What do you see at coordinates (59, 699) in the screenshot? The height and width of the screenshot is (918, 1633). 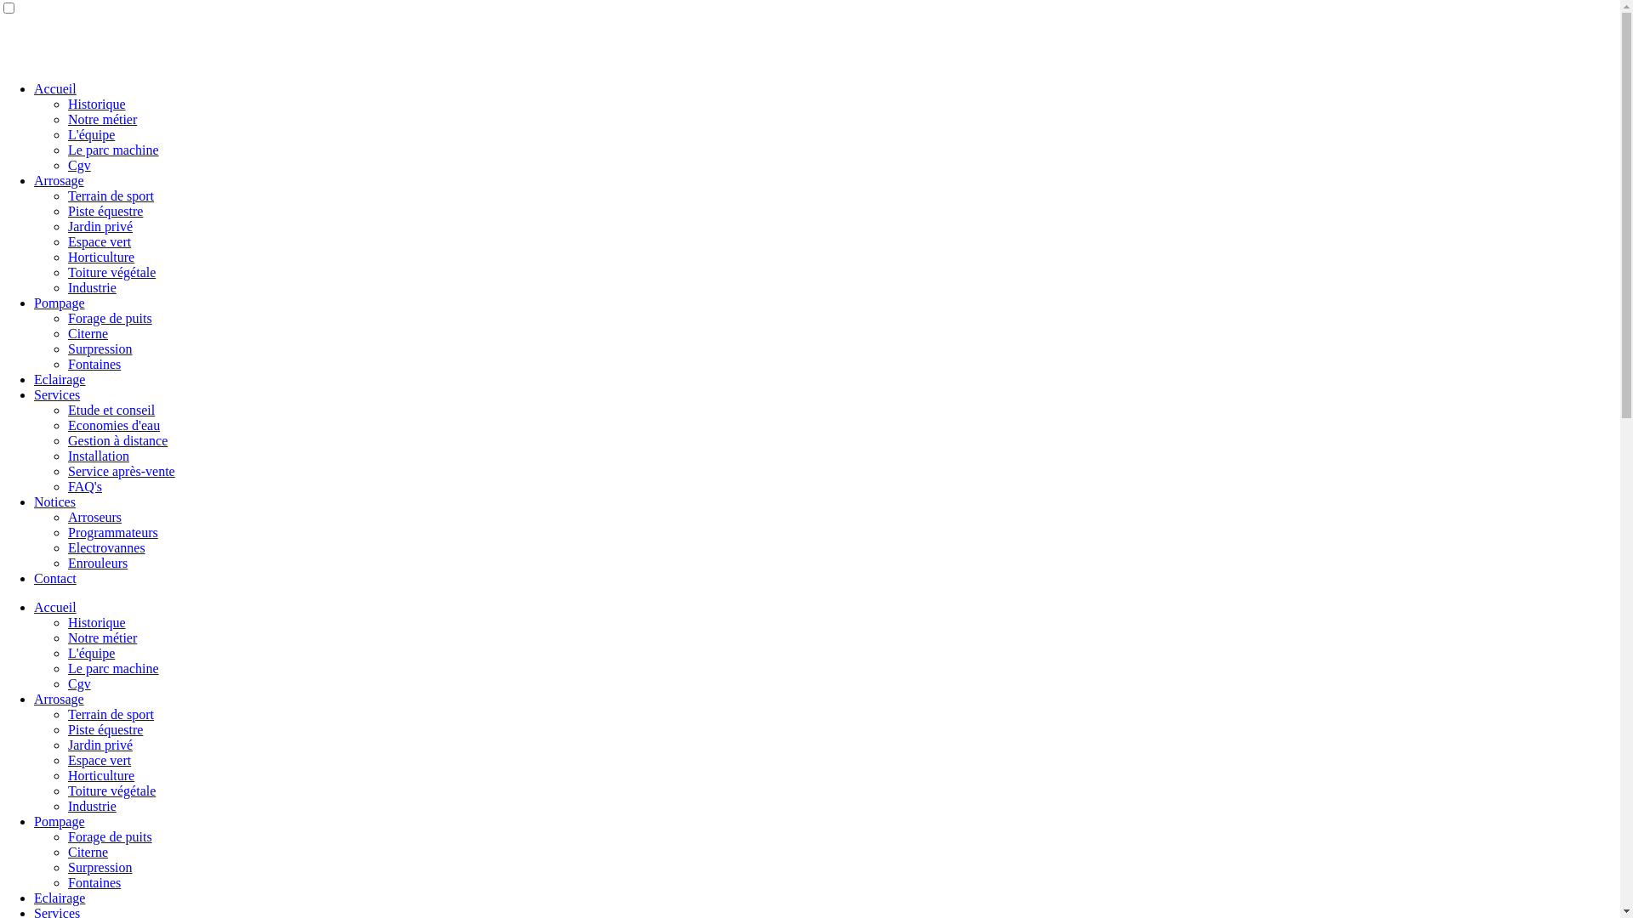 I see `'Arrosage'` at bounding box center [59, 699].